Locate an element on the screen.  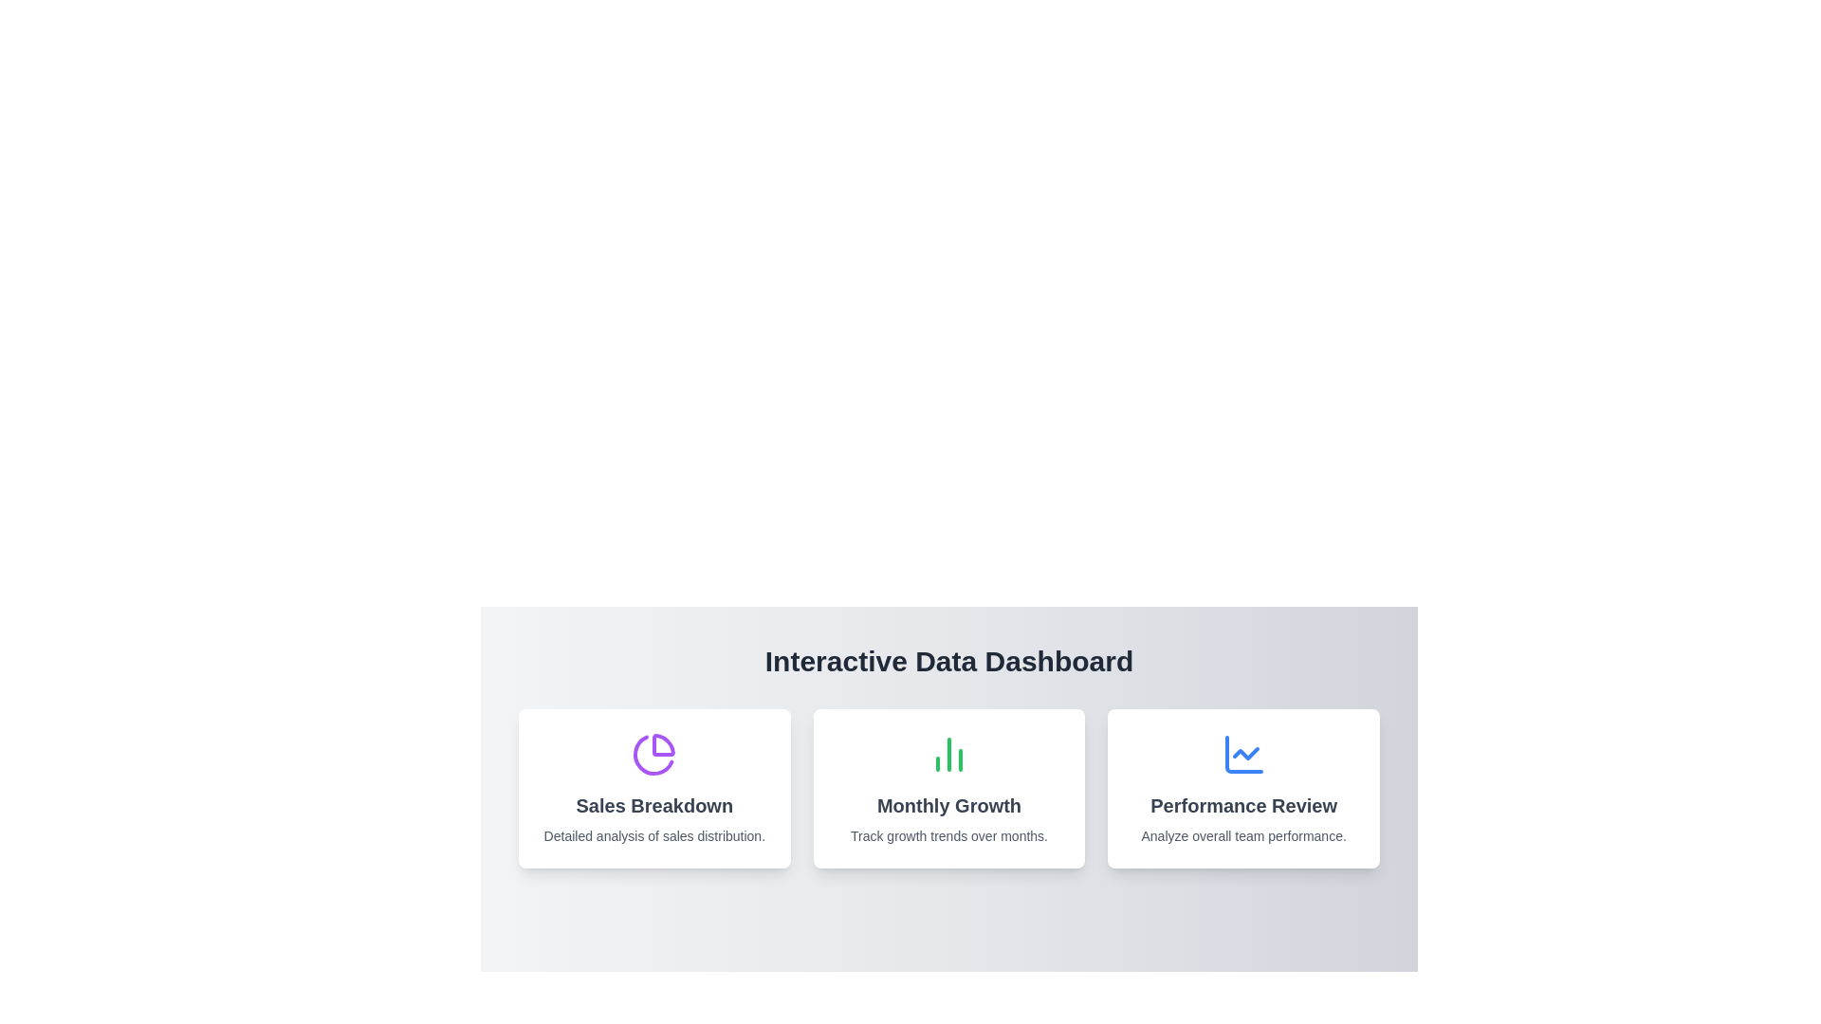
the middle informational card in the Component Group (Informational Cards) that provides insights about data analytics, located under the 'Interactive Data Dashboard' is located at coordinates (949, 789).